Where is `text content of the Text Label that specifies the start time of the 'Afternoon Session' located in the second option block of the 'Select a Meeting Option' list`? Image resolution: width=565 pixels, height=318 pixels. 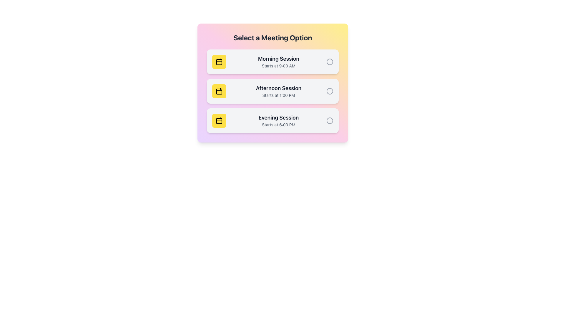
text content of the Text Label that specifies the start time of the 'Afternoon Session' located in the second option block of the 'Select a Meeting Option' list is located at coordinates (278, 95).